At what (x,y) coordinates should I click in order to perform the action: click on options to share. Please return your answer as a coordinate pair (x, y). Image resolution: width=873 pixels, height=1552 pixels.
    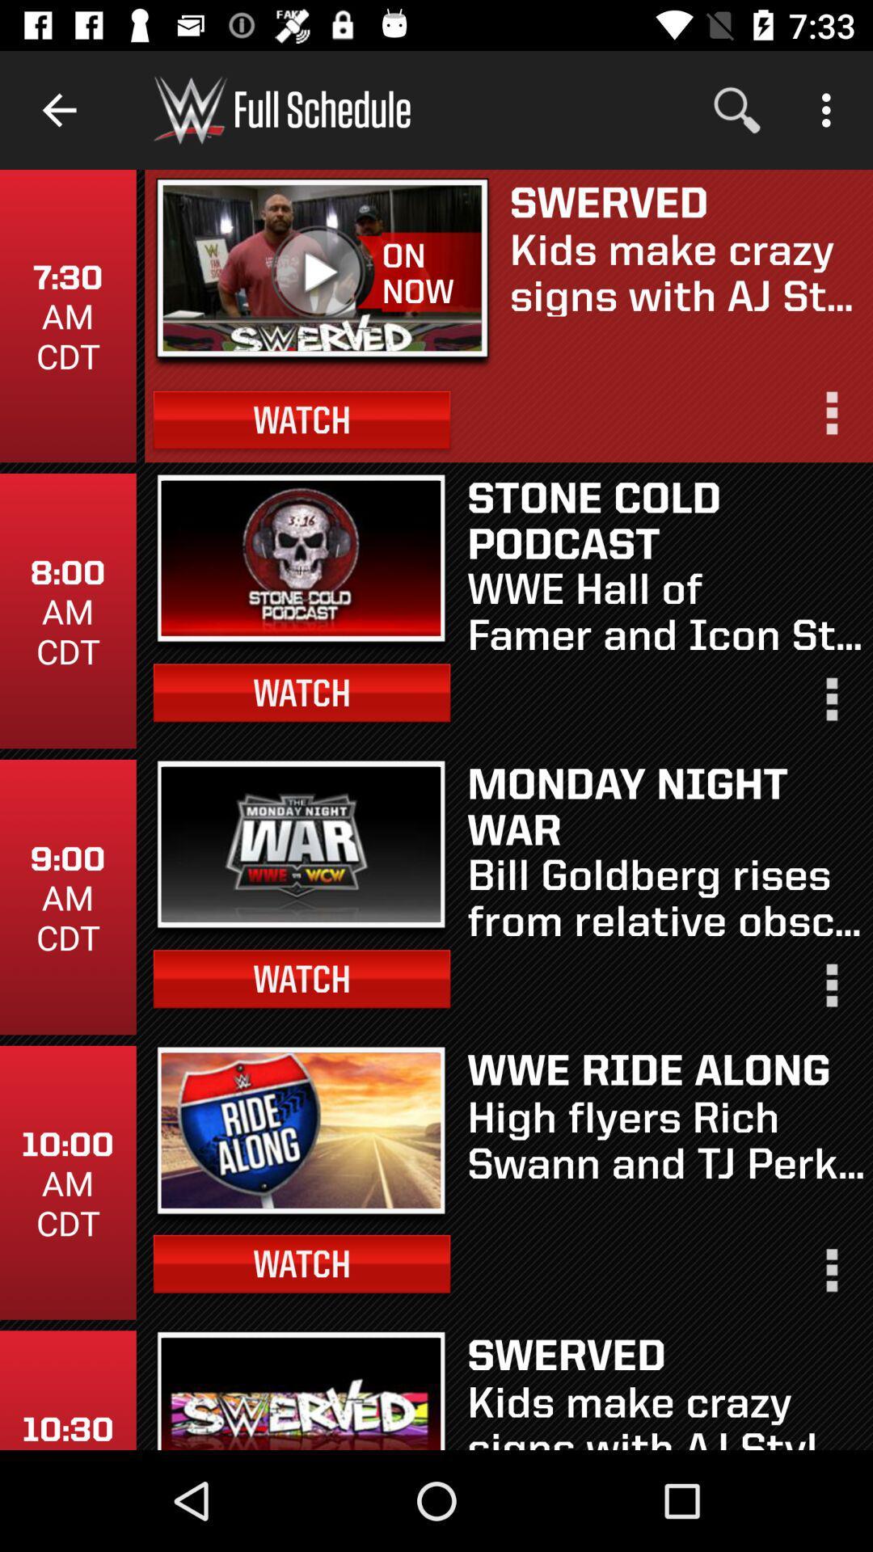
    Looking at the image, I should click on (830, 1276).